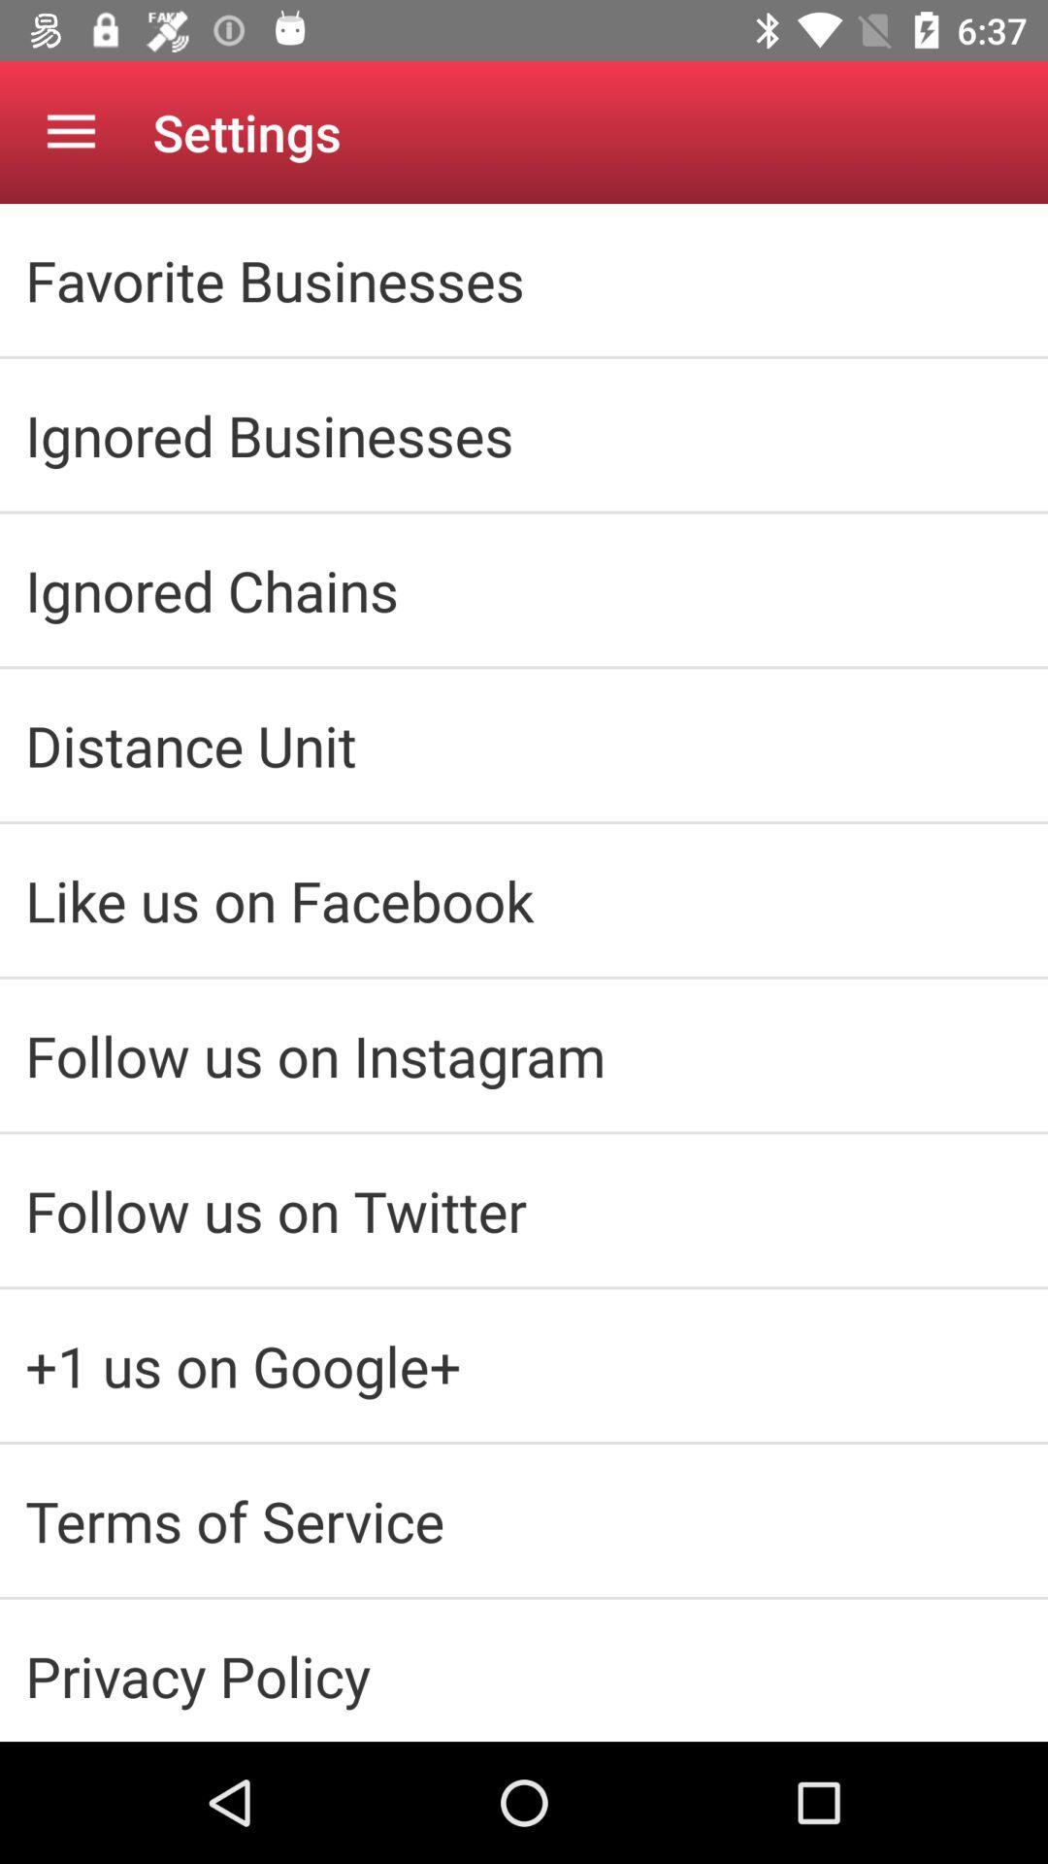 Image resolution: width=1048 pixels, height=1864 pixels. I want to click on the app next to the settings icon, so click(70, 131).